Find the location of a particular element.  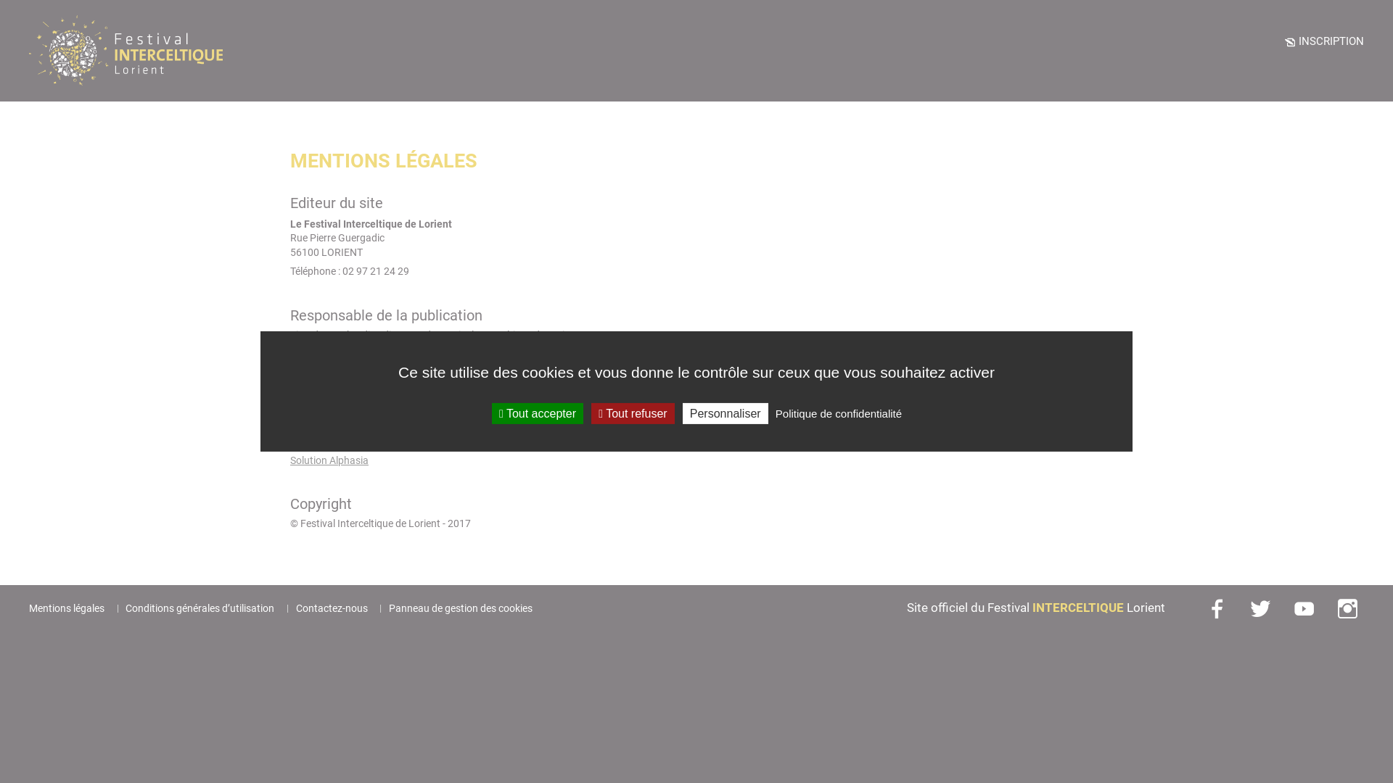

'Solution Alphasia' is located at coordinates (329, 460).